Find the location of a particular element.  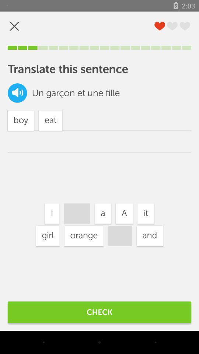

the volume icon is located at coordinates (17, 93).